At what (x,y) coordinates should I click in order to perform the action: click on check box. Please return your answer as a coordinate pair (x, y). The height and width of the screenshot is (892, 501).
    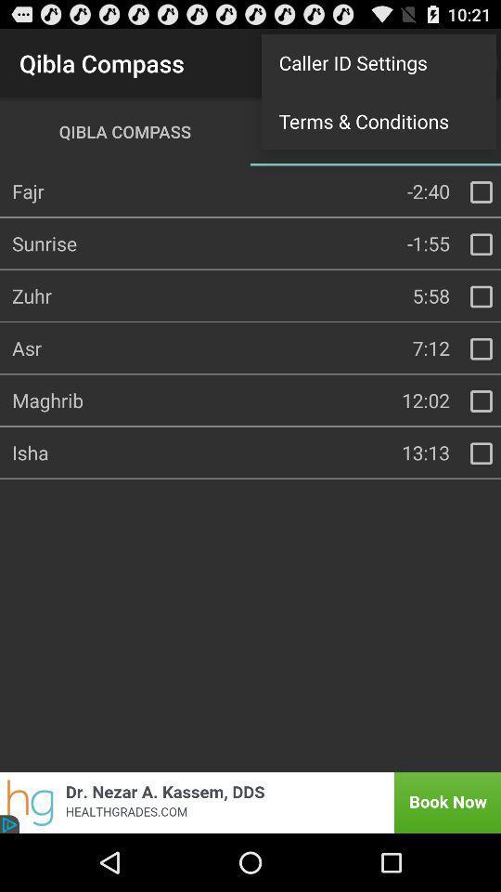
    Looking at the image, I should click on (481, 453).